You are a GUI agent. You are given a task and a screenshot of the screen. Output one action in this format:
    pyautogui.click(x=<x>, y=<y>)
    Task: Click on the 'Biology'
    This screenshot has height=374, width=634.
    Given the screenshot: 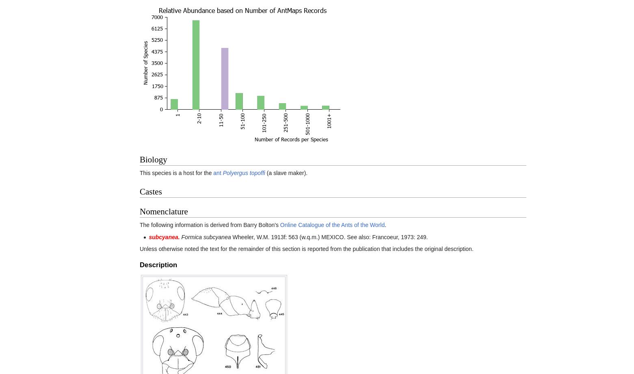 What is the action you would take?
    pyautogui.click(x=153, y=159)
    